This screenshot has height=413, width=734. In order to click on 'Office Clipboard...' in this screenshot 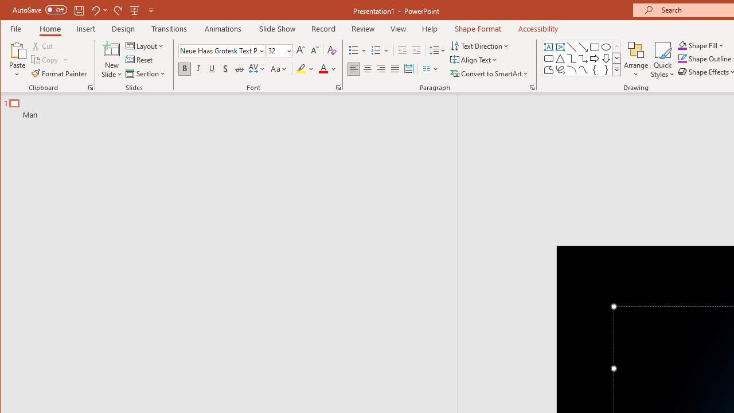, I will do `click(90, 87)`.